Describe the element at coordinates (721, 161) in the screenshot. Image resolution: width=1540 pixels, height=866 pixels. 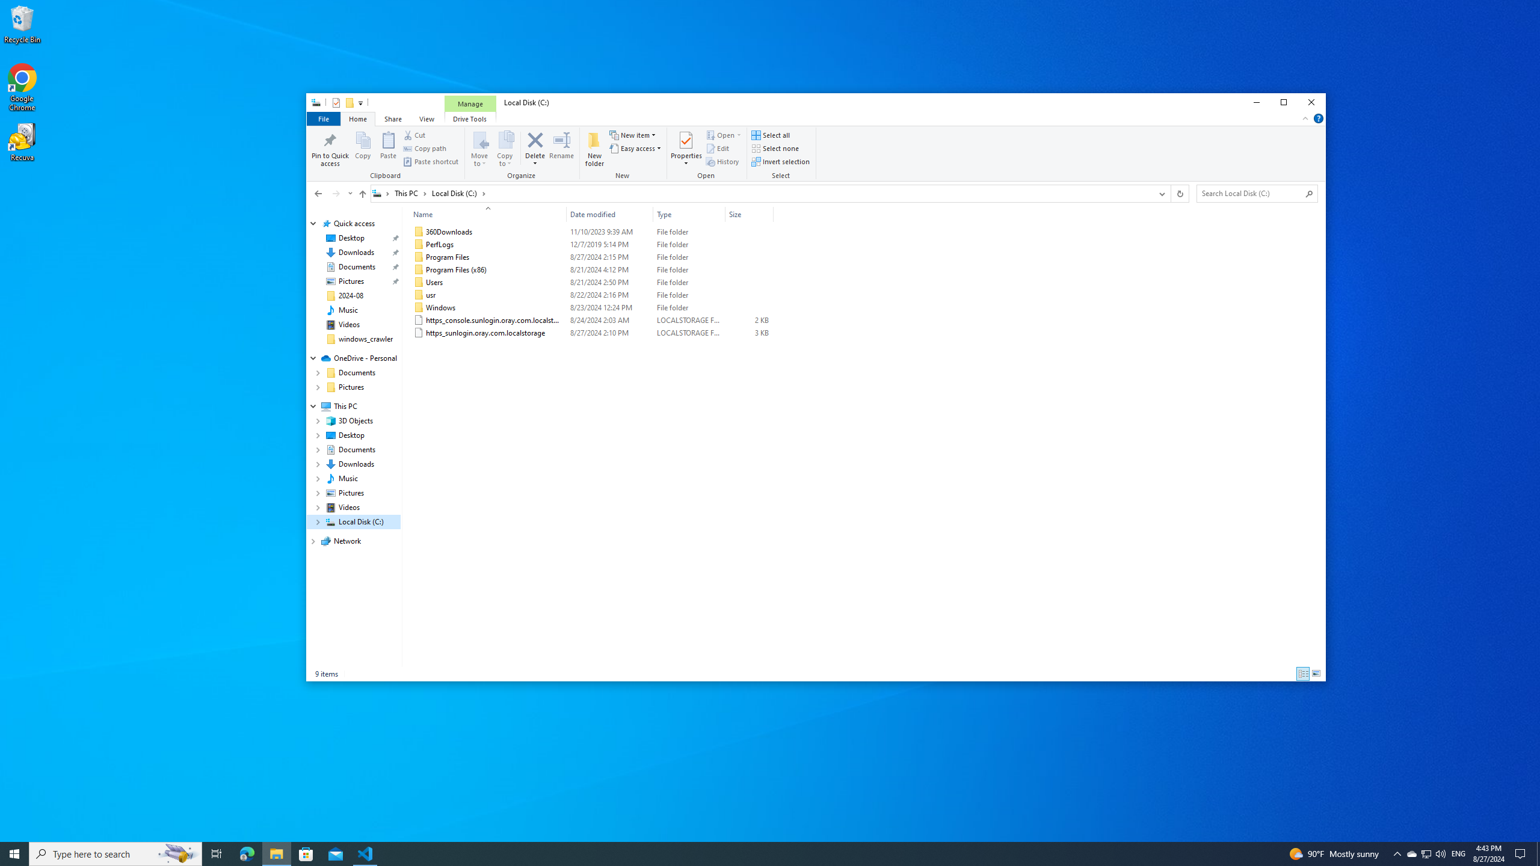
I see `'History'` at that location.